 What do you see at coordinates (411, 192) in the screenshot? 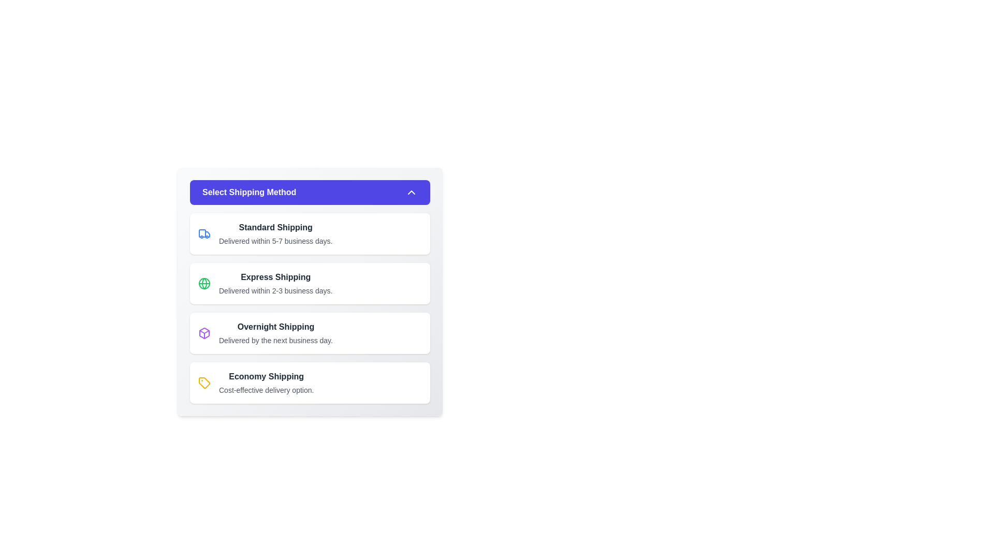
I see `the expandable/collapsible icon located at the top-right corner of the 'Select Shipping Method' blue section to toggle visibility of related components` at bounding box center [411, 192].